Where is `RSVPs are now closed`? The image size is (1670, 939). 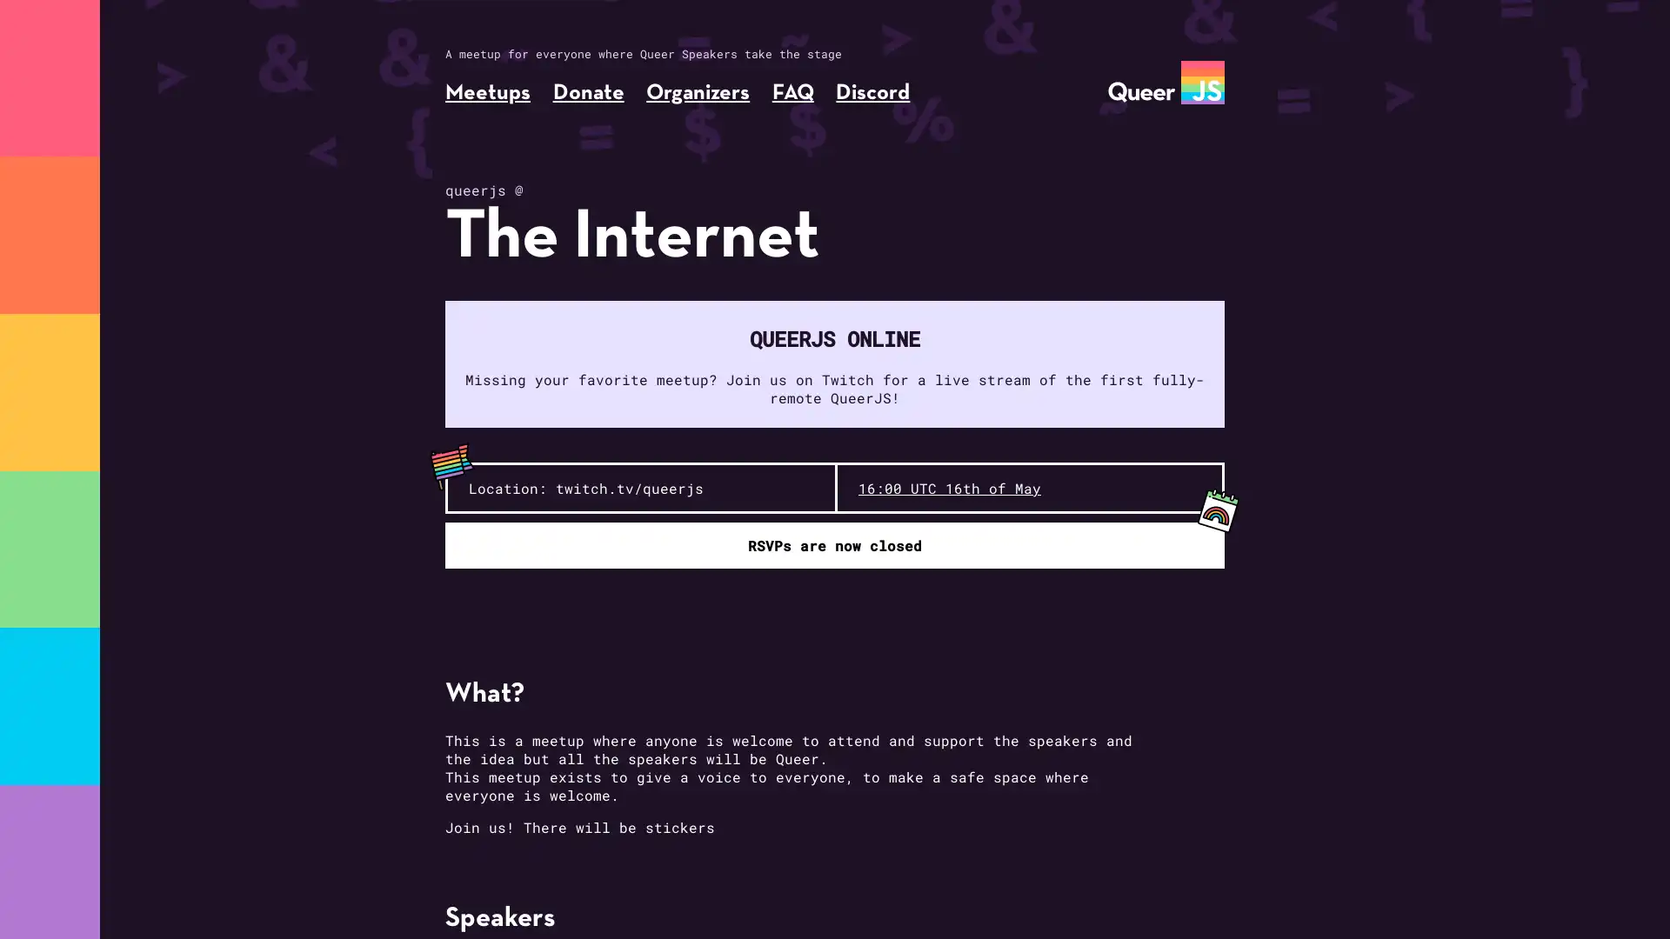 RSVPs are now closed is located at coordinates (835, 544).